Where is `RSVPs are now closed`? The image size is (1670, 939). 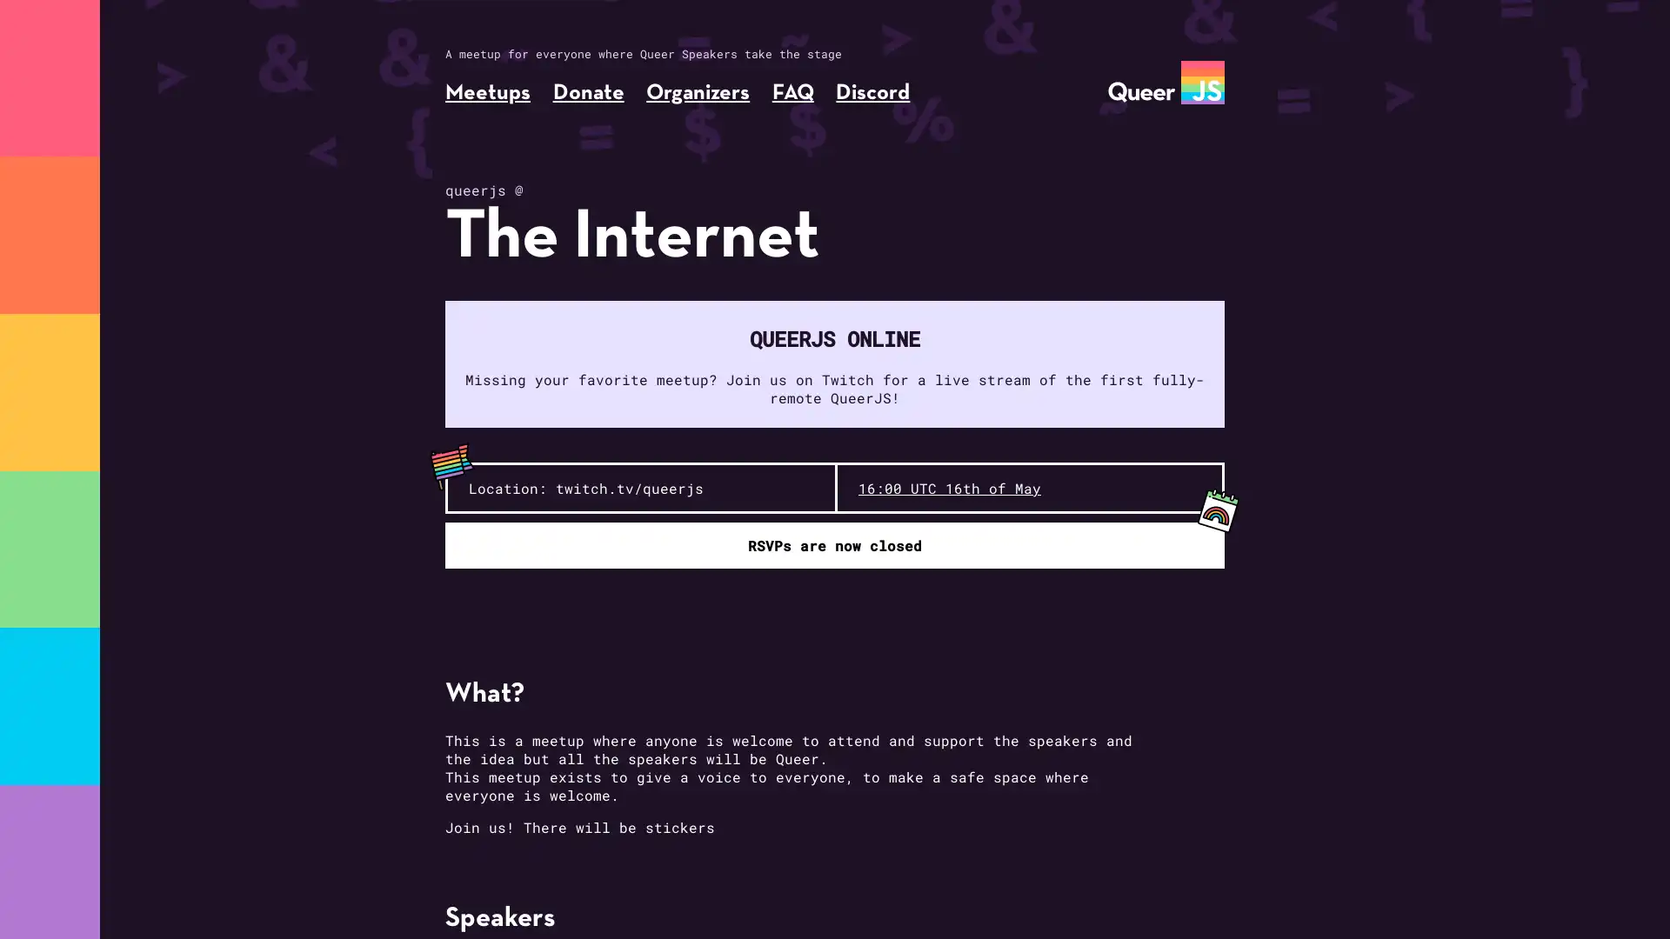 RSVPs are now closed is located at coordinates (835, 544).